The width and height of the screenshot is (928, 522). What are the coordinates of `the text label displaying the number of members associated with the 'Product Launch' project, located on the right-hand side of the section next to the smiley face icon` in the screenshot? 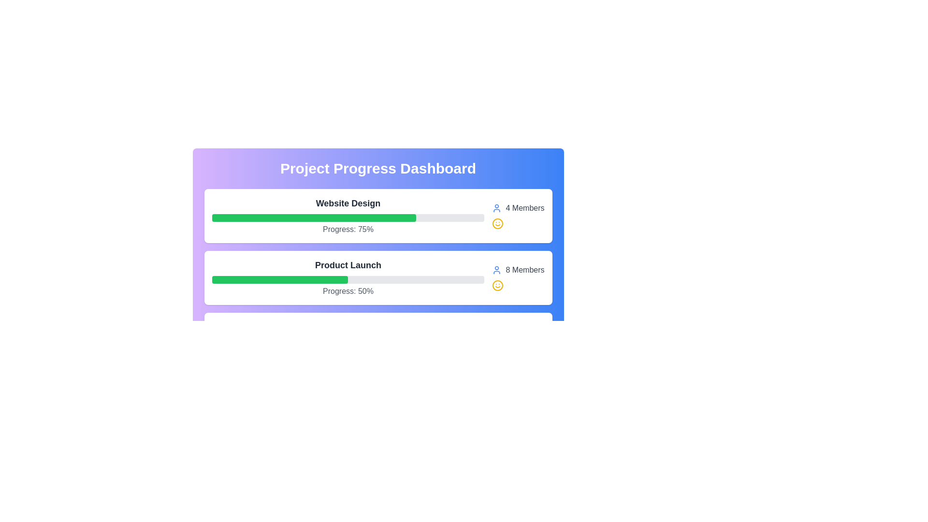 It's located at (518, 270).